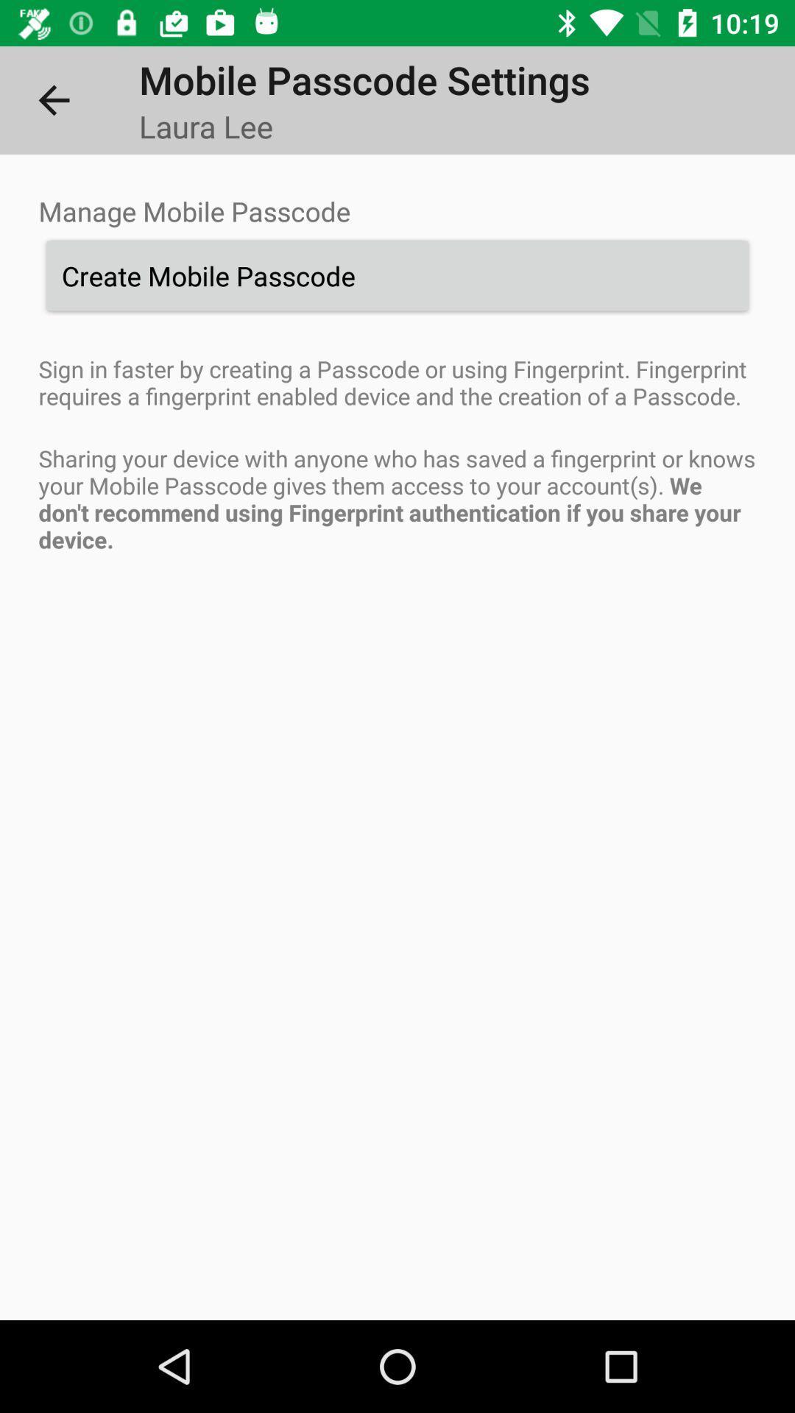  Describe the element at coordinates (53, 99) in the screenshot. I see `the icon next to mobile passcode settings icon` at that location.